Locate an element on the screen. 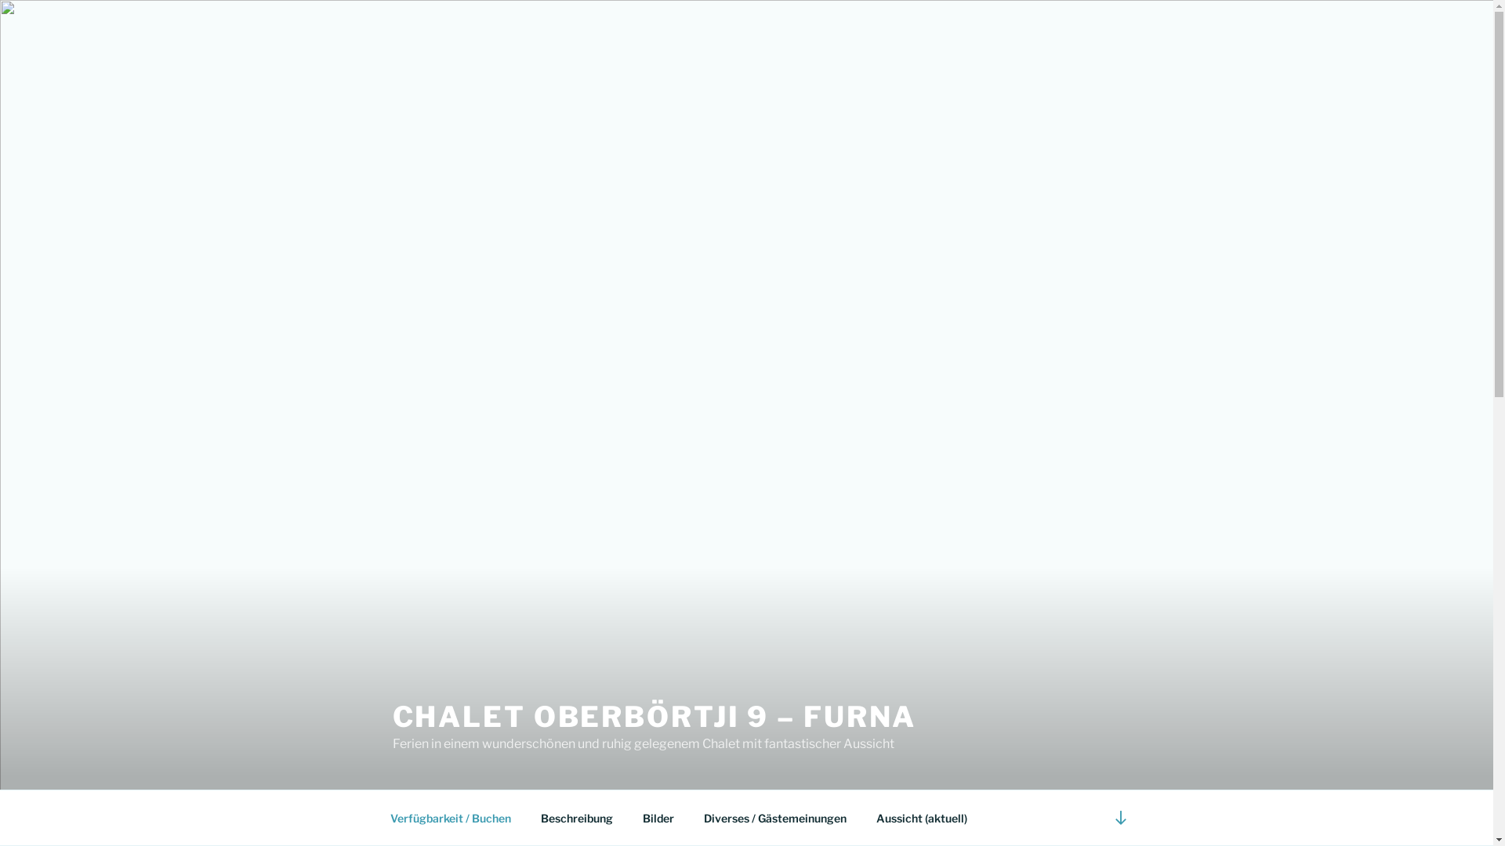  'Bilder' is located at coordinates (658, 817).